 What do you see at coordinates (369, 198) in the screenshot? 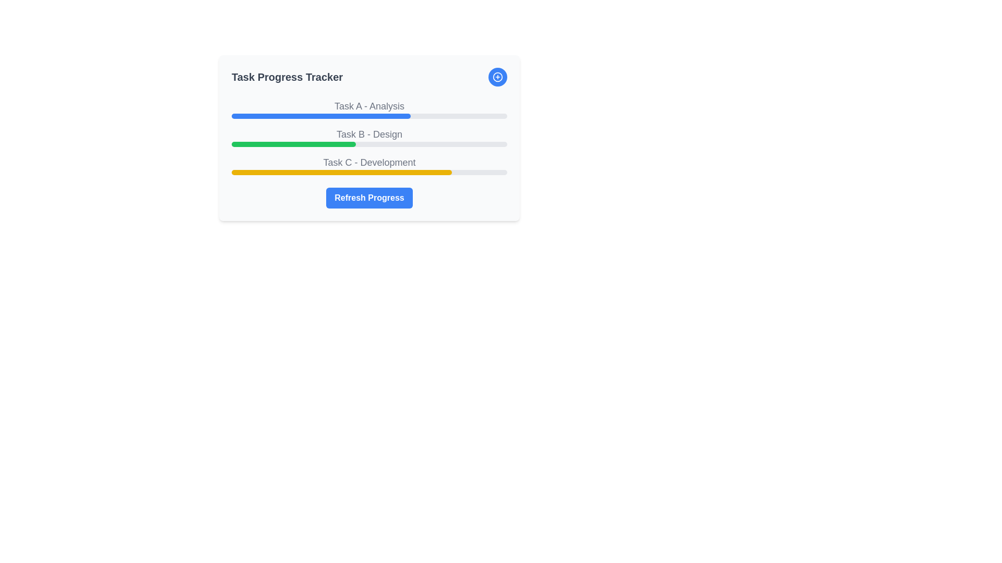
I see `the refresh button located below the progress bars to observe the hover effect` at bounding box center [369, 198].